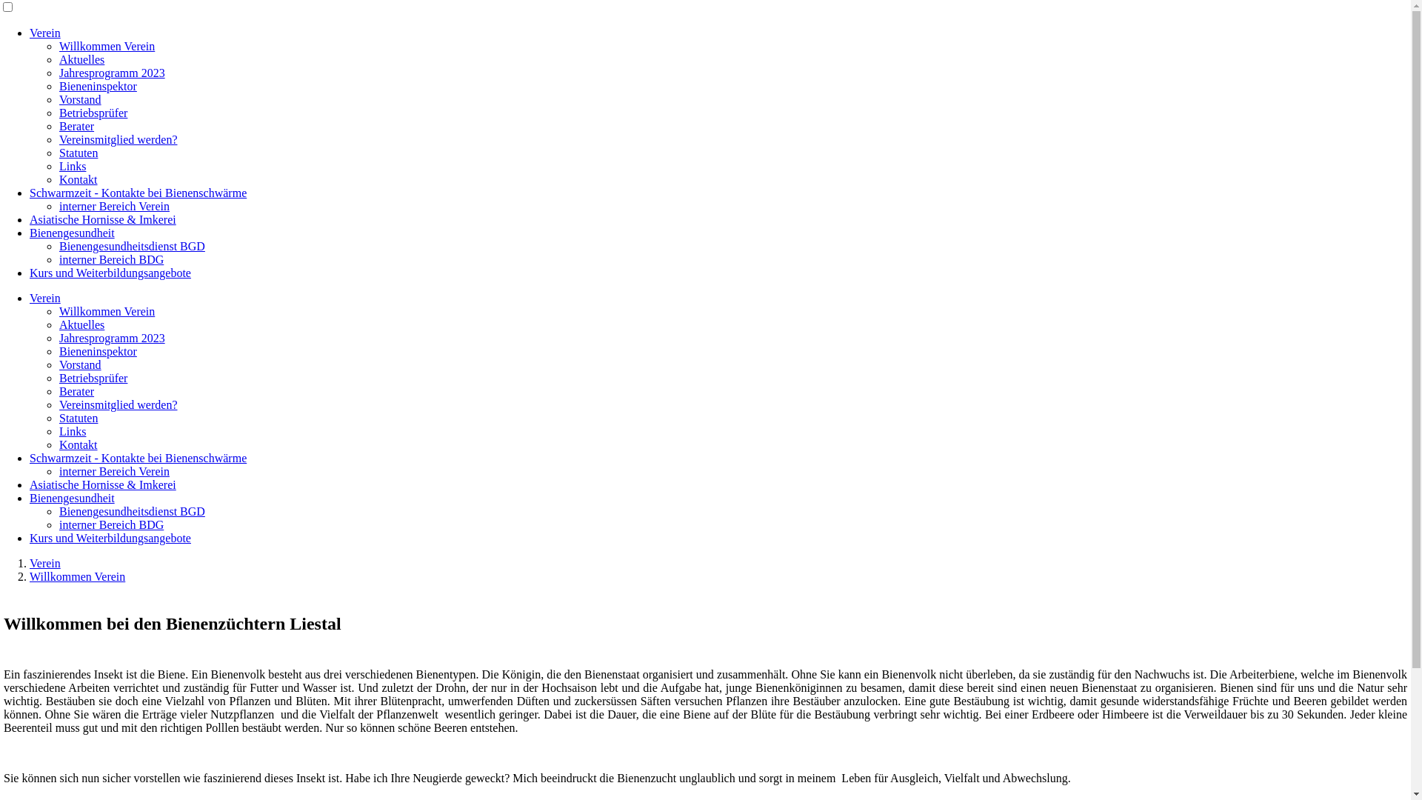 The width and height of the screenshot is (1422, 800). Describe the element at coordinates (113, 206) in the screenshot. I see `'interner Bereich Verein'` at that location.